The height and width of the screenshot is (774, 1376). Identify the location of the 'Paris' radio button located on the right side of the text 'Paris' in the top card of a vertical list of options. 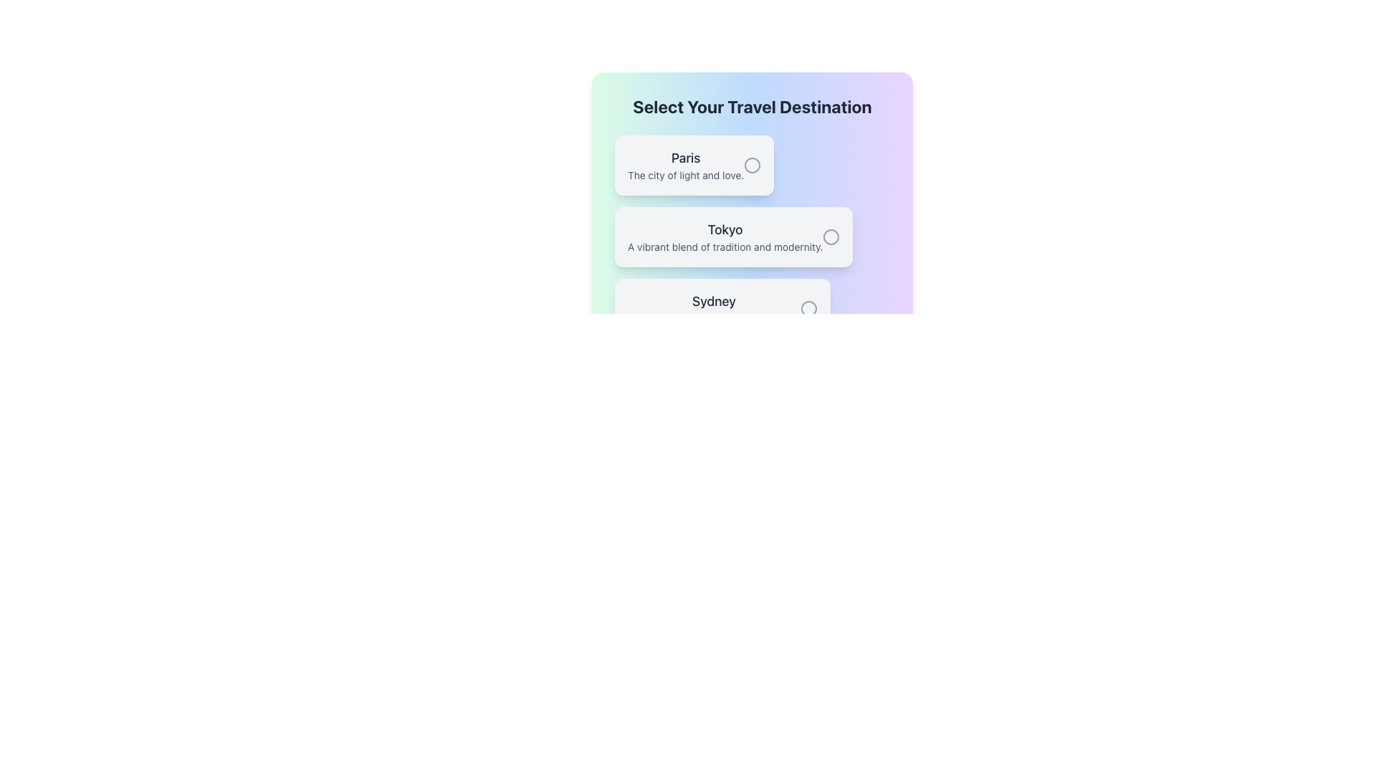
(752, 165).